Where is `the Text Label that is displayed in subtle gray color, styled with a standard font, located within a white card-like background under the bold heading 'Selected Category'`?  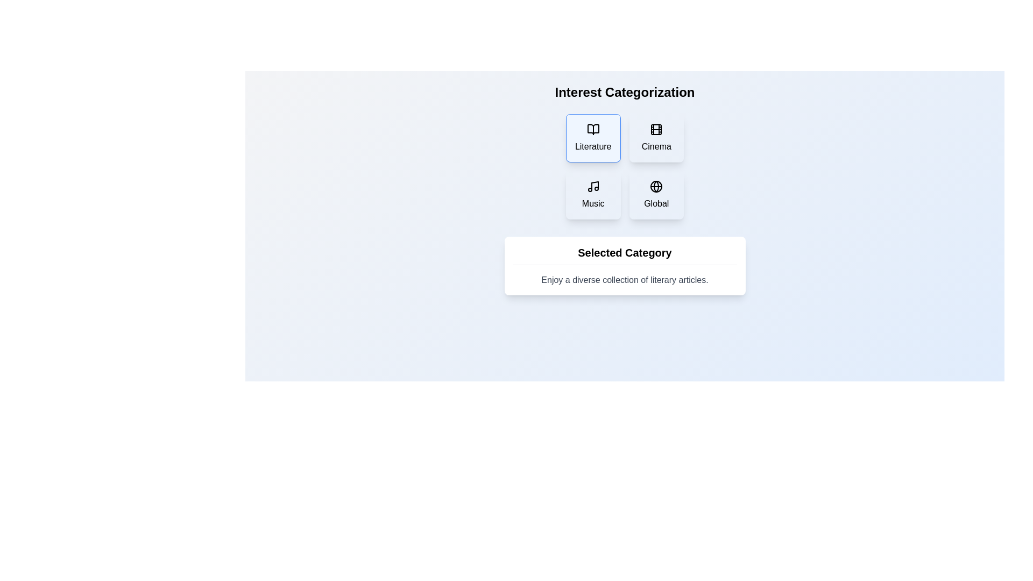 the Text Label that is displayed in subtle gray color, styled with a standard font, located within a white card-like background under the bold heading 'Selected Category' is located at coordinates (625, 279).